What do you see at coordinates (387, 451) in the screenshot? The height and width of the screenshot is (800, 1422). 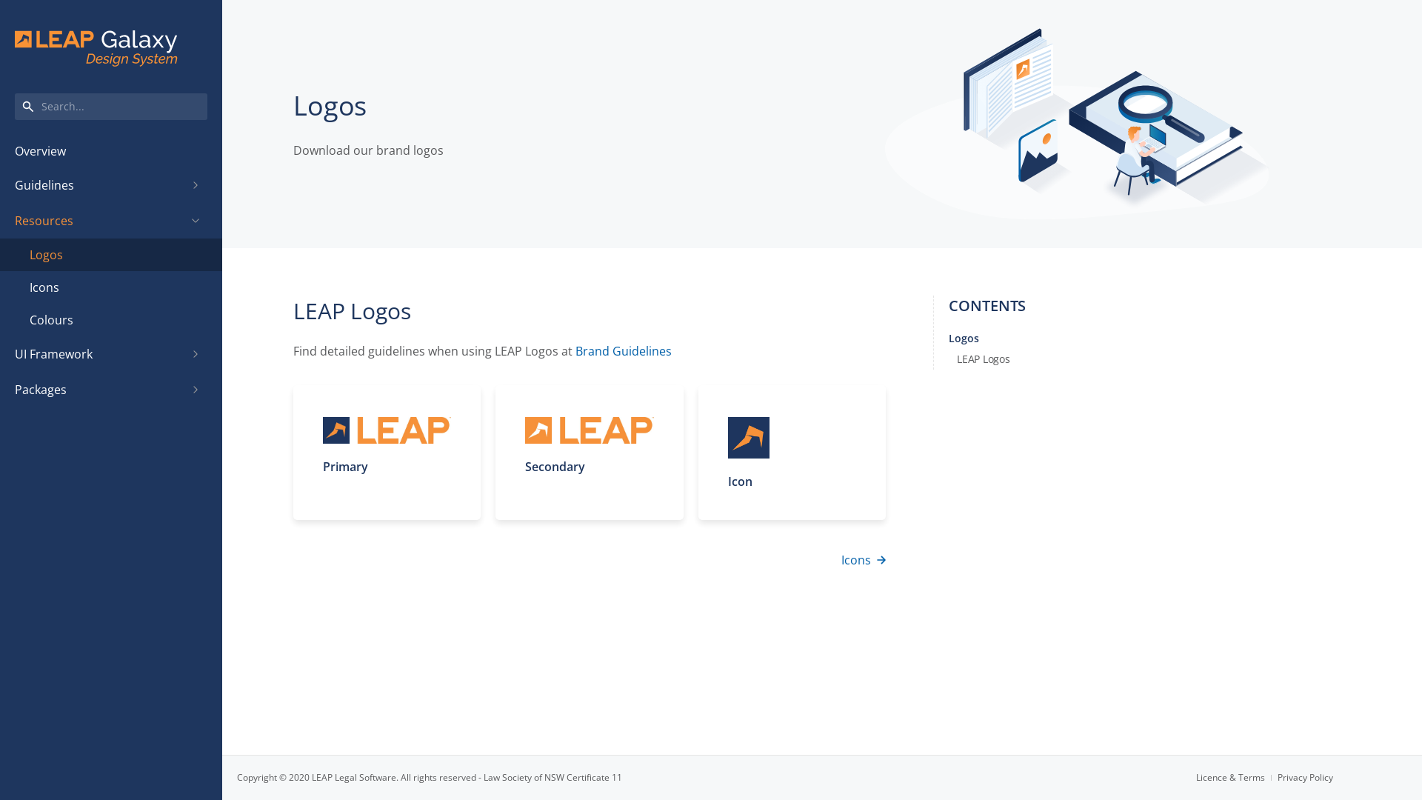 I see `'Primary'` at bounding box center [387, 451].